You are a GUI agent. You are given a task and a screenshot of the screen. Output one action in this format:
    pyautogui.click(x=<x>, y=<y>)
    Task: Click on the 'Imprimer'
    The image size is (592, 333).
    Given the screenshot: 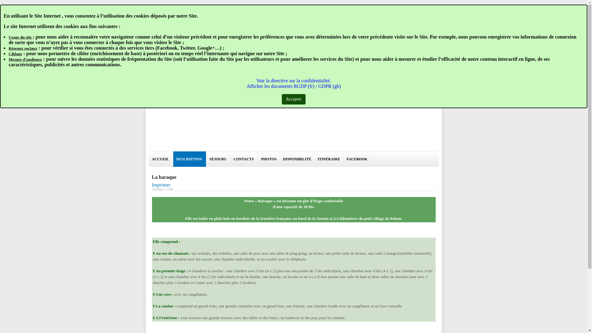 What is the action you would take?
    pyautogui.click(x=161, y=184)
    